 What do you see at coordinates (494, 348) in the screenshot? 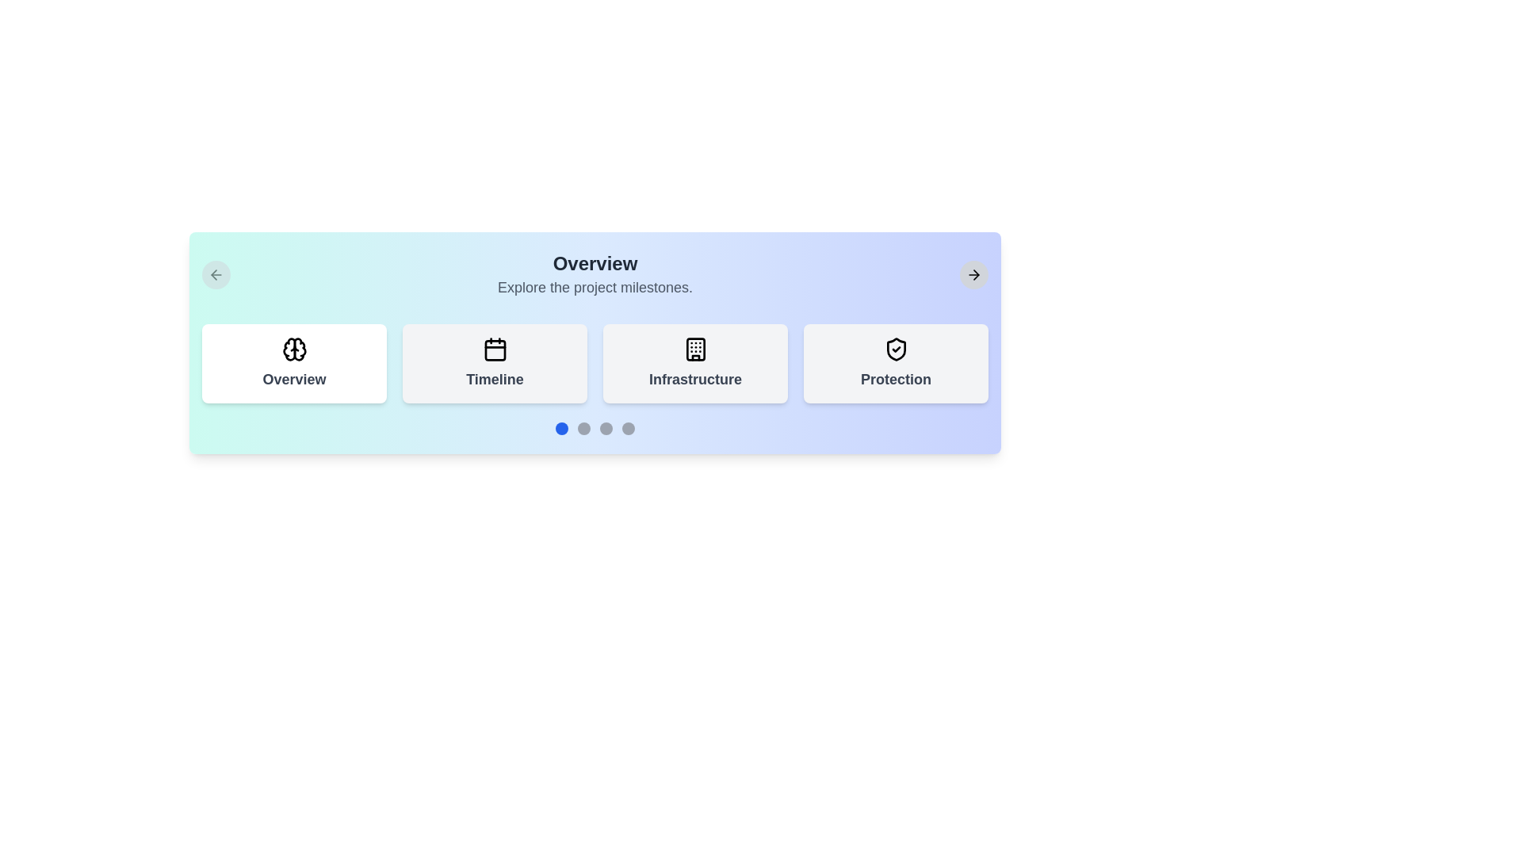
I see `the calendar icon` at bounding box center [494, 348].